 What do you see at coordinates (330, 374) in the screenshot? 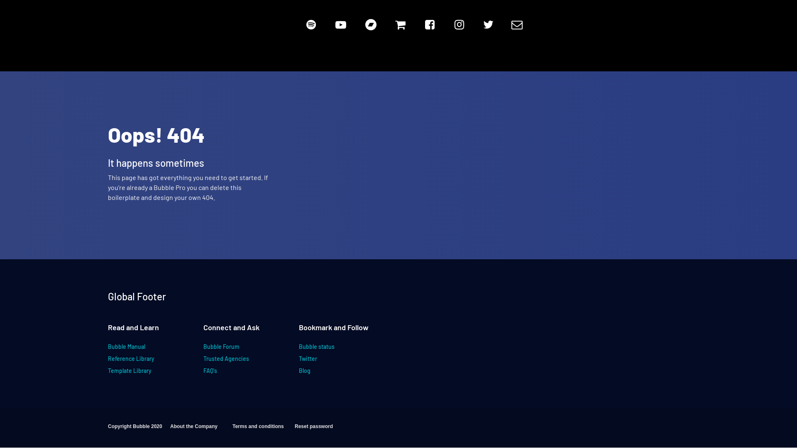
I see `'Blog'` at bounding box center [330, 374].